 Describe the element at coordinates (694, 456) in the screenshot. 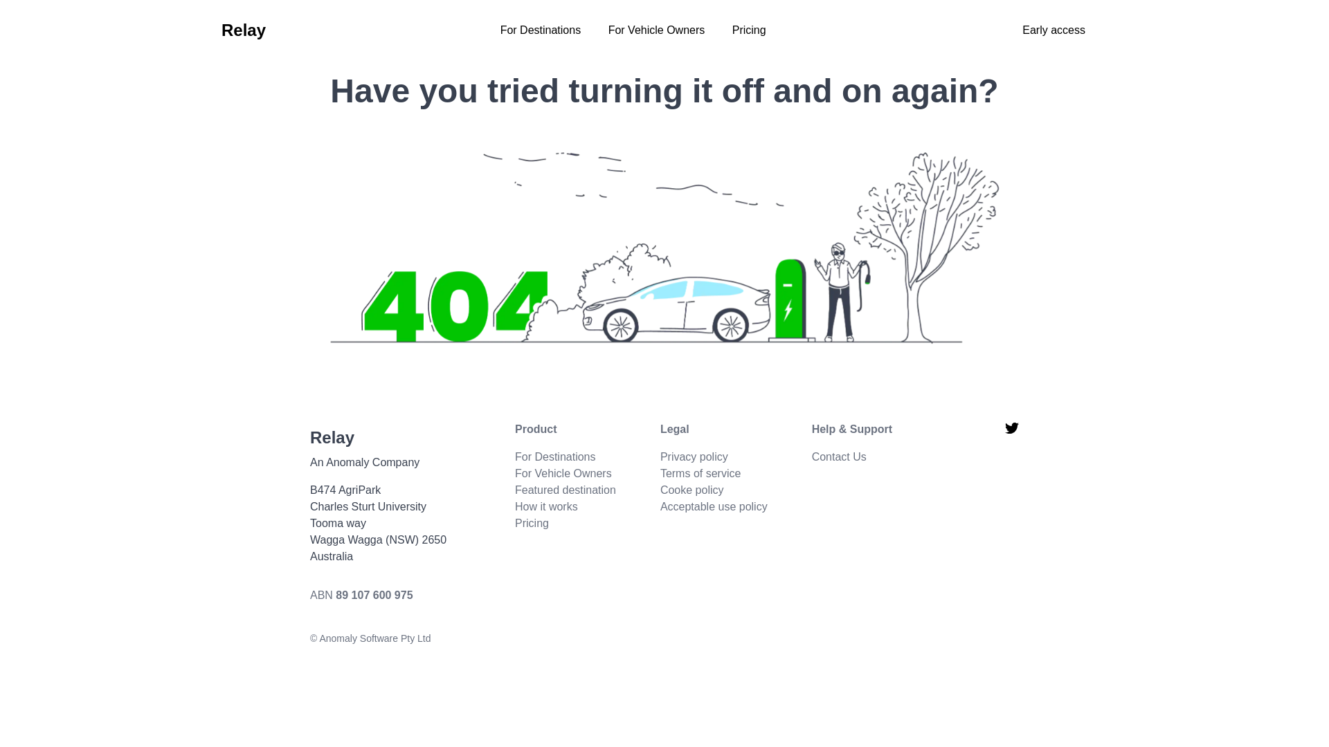

I see `'Privacy policy'` at that location.